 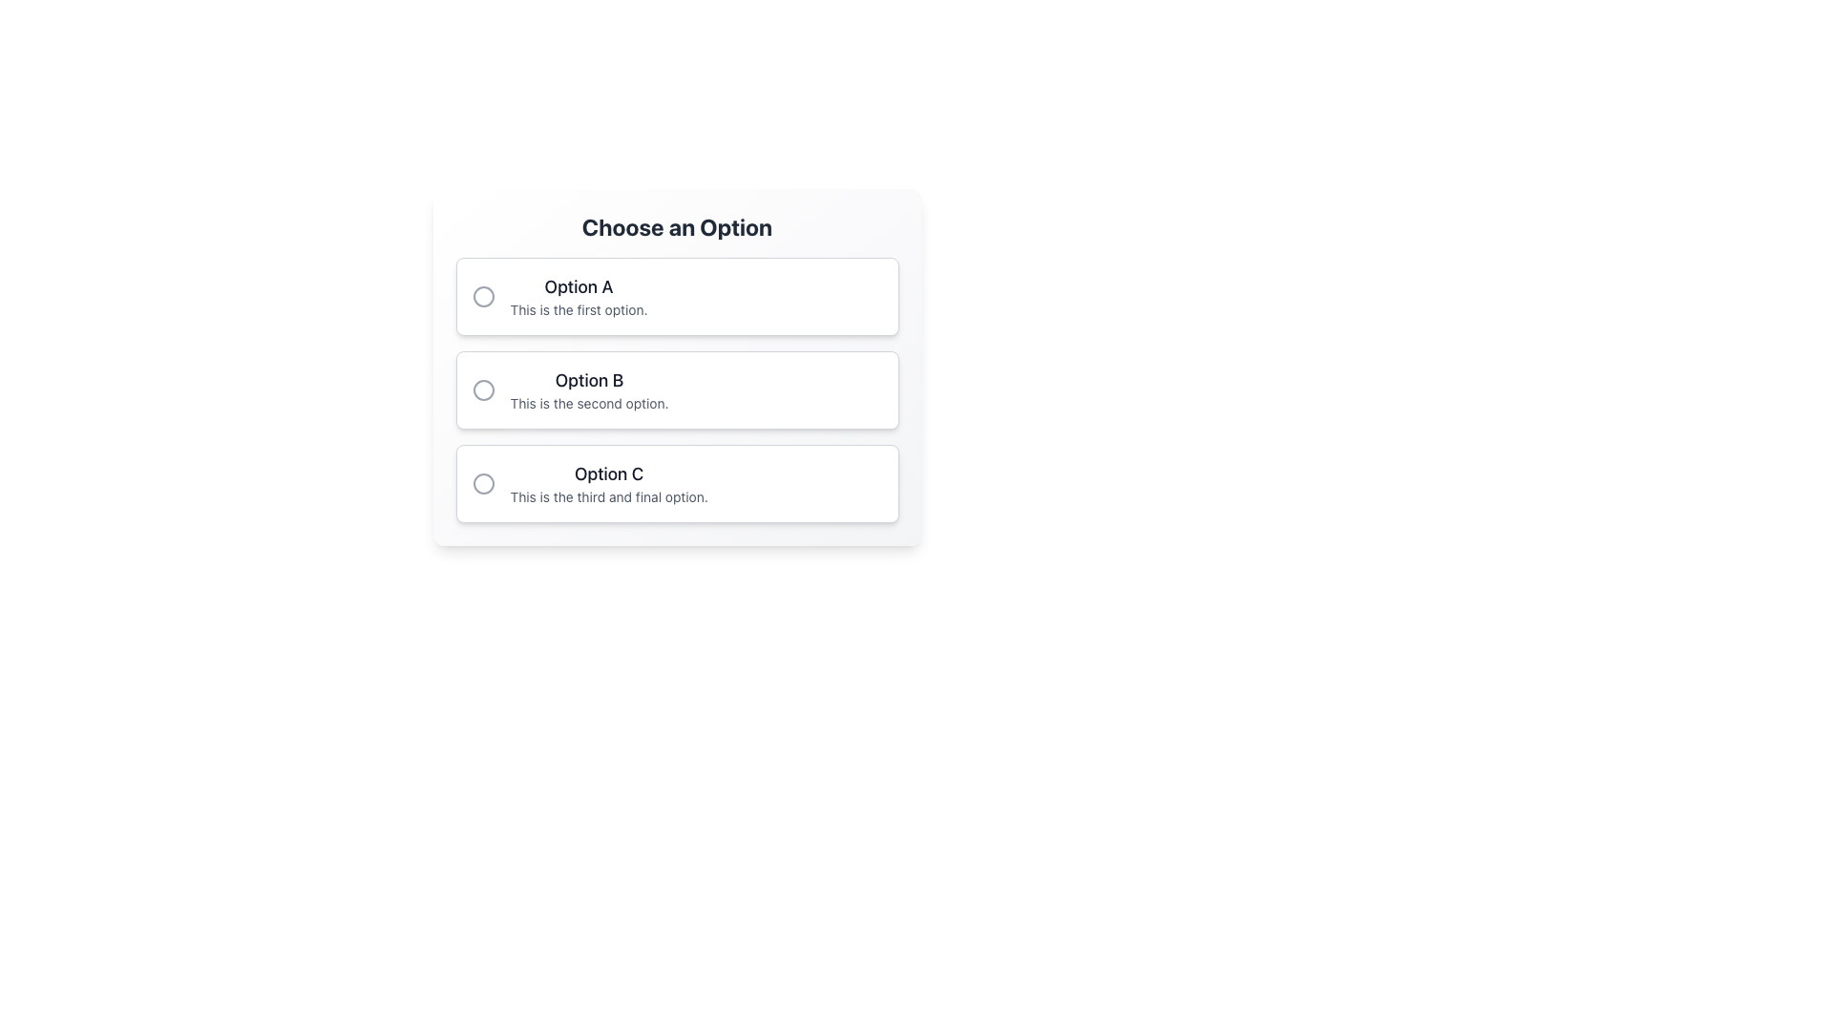 I want to click on the unselected circular SVG graphical component representing 'Option C' in the radio button list, so click(x=483, y=482).